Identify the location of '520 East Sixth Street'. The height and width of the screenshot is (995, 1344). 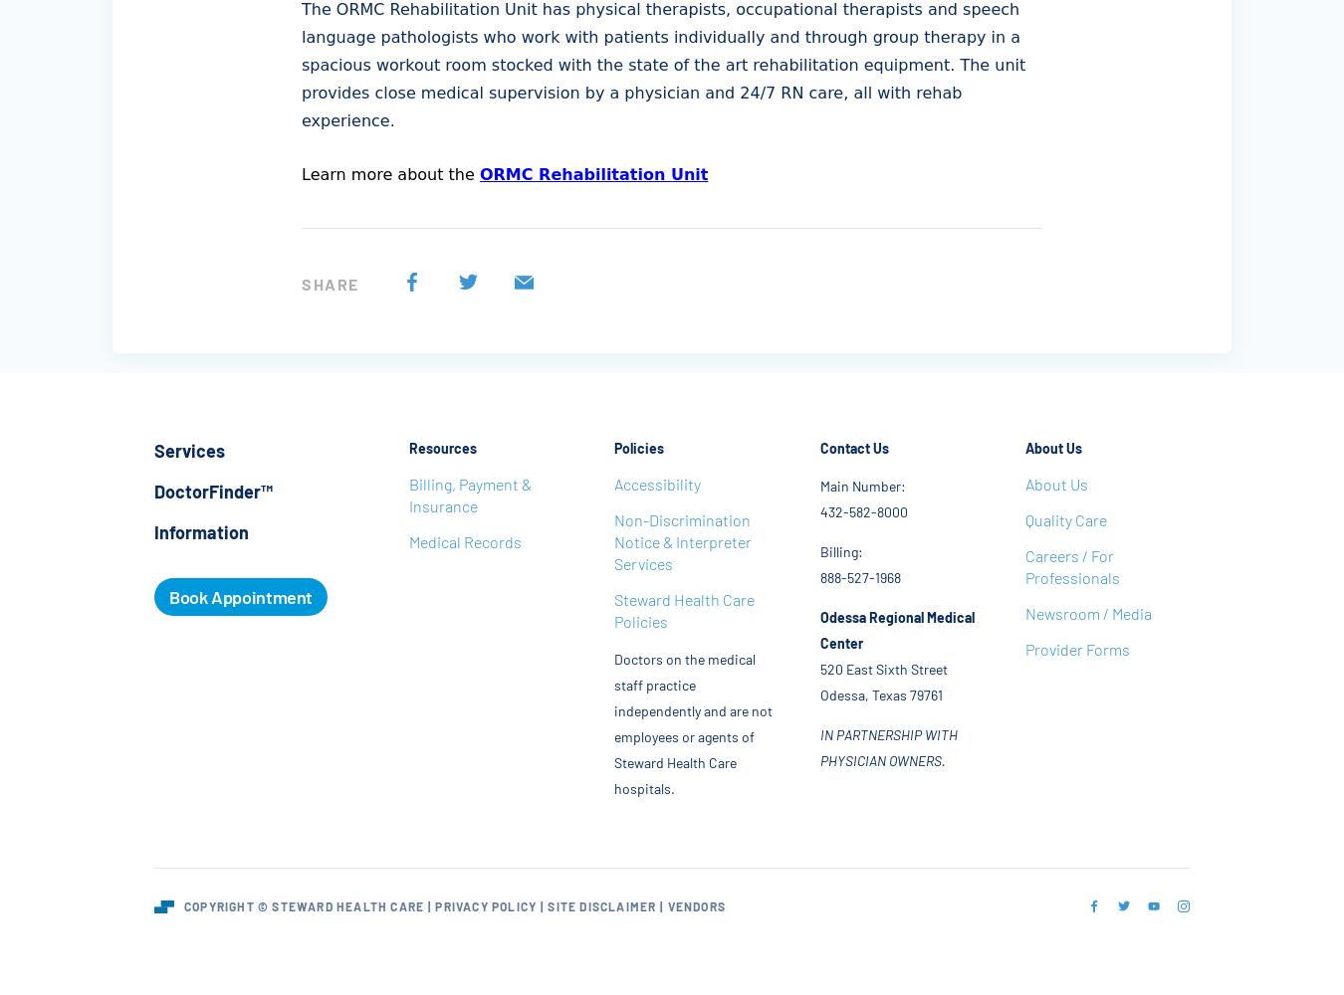
(882, 669).